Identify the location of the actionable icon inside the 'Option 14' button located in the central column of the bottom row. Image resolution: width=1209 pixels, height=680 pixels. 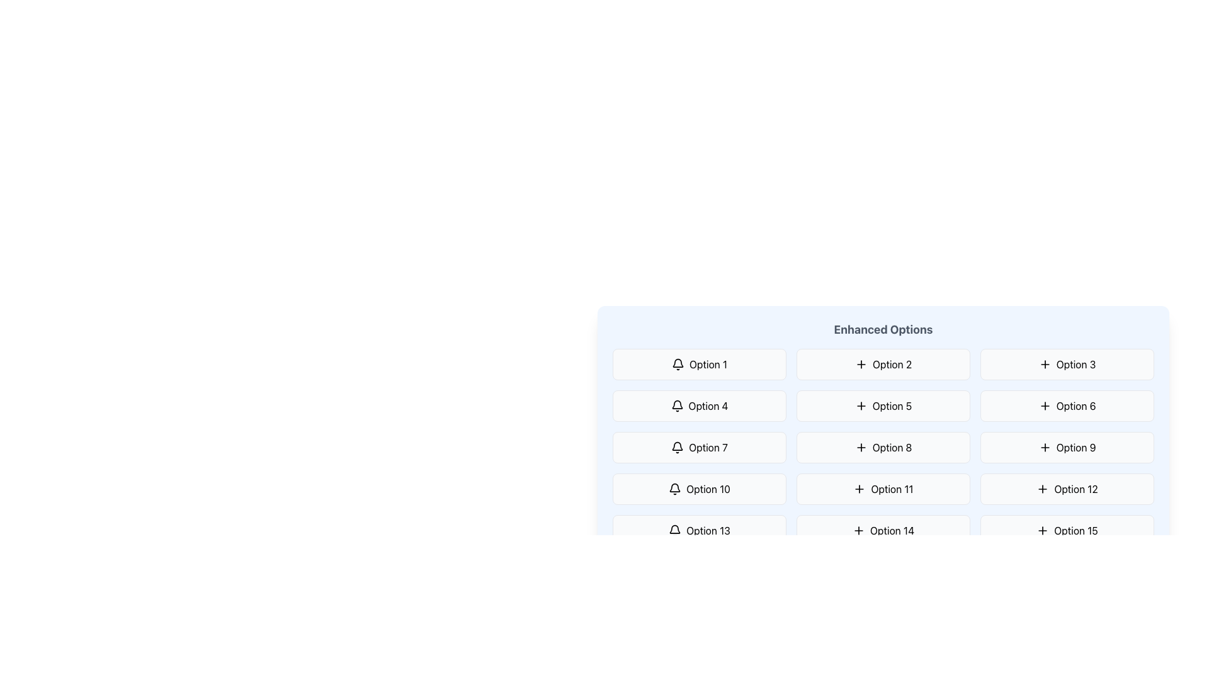
(858, 531).